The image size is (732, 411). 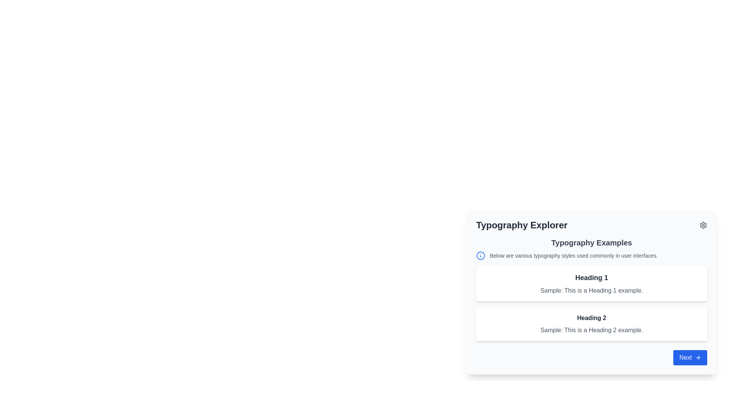 I want to click on the Heading text element in the header section of the card, so click(x=521, y=225).